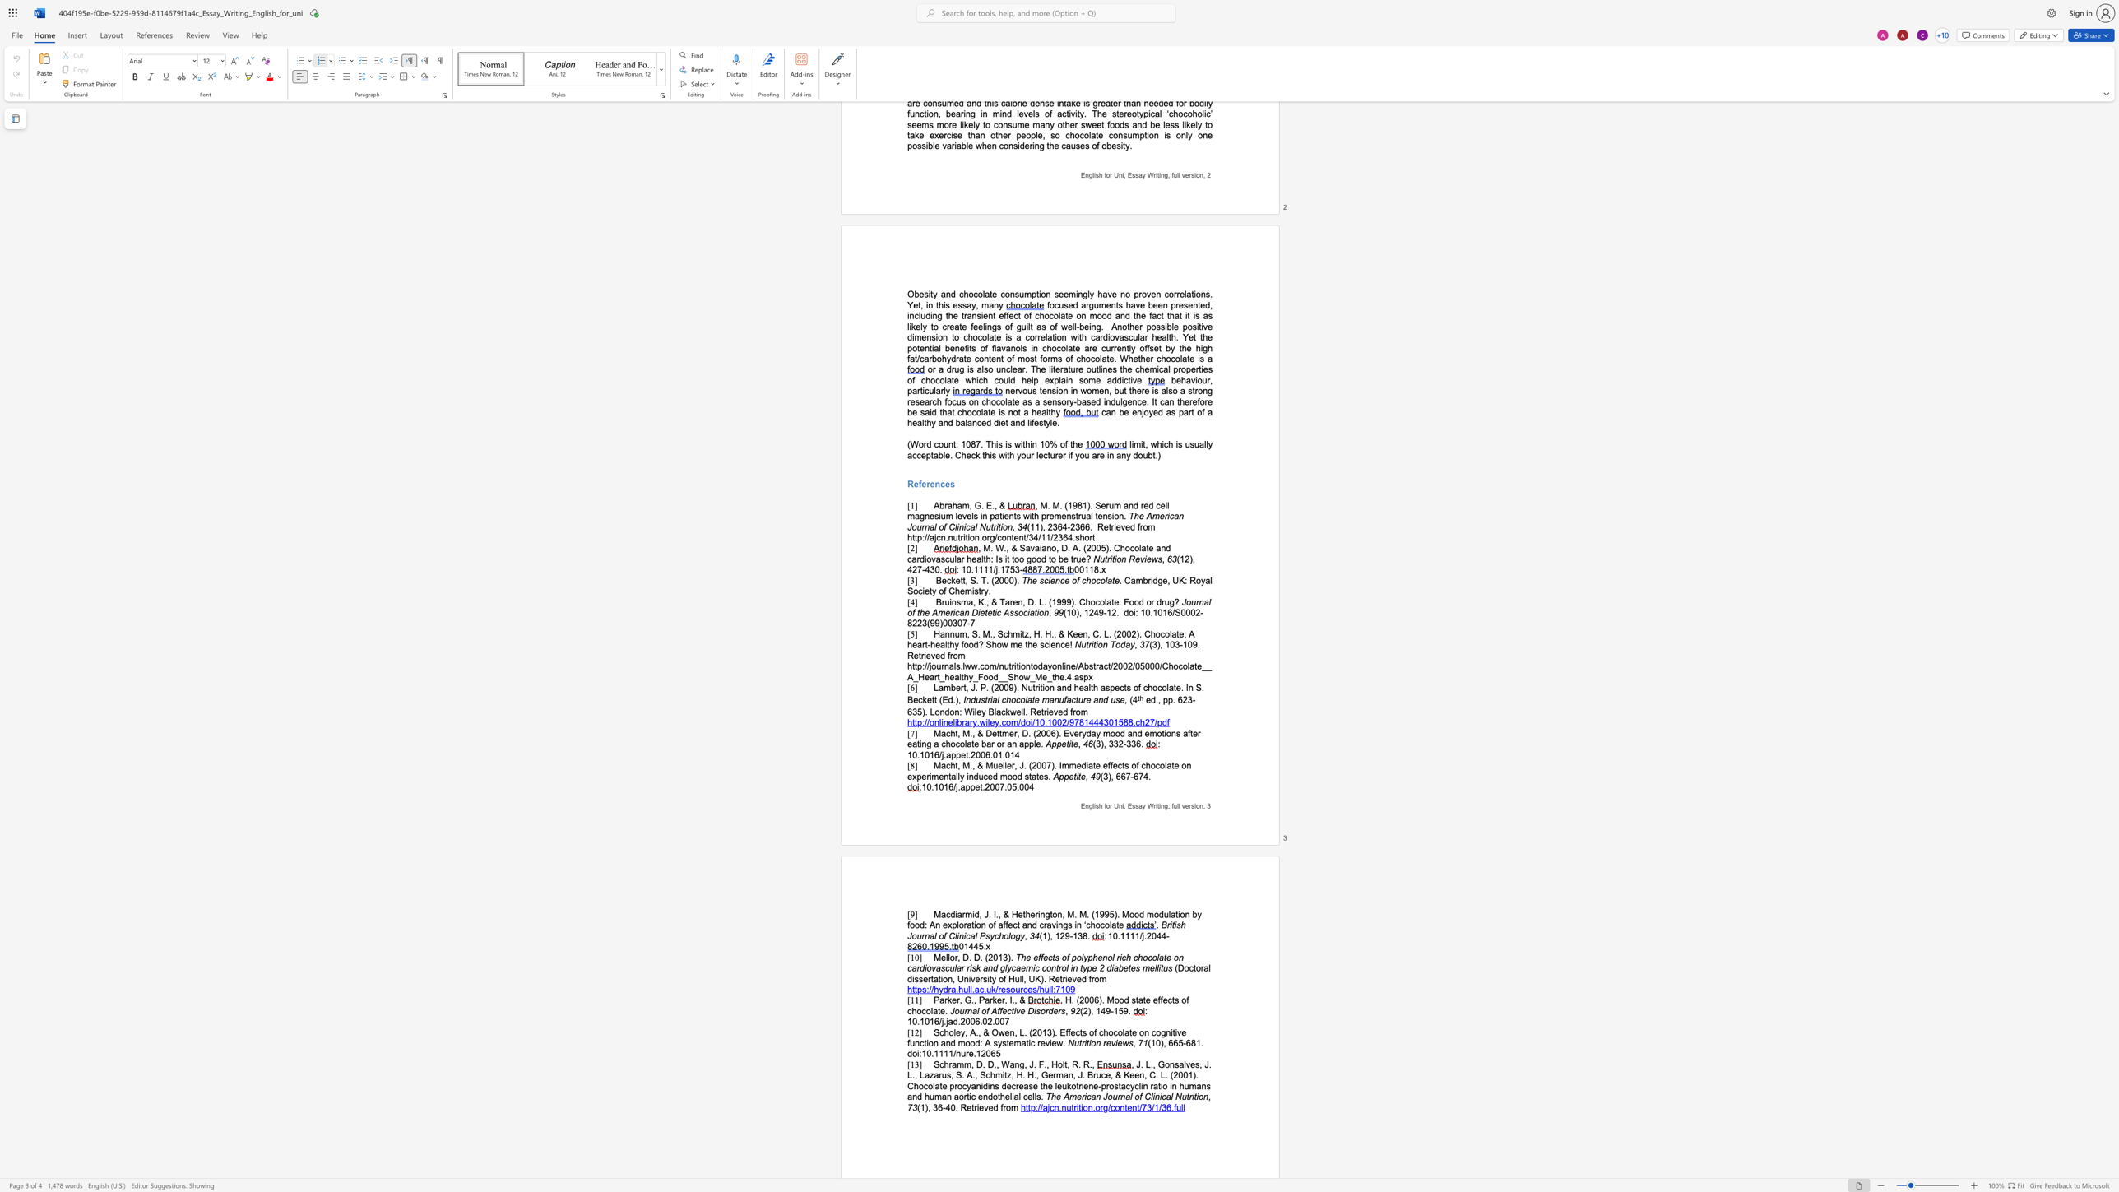  I want to click on the space between the continuous character "r" and "a" in the text, so click(952, 1064).